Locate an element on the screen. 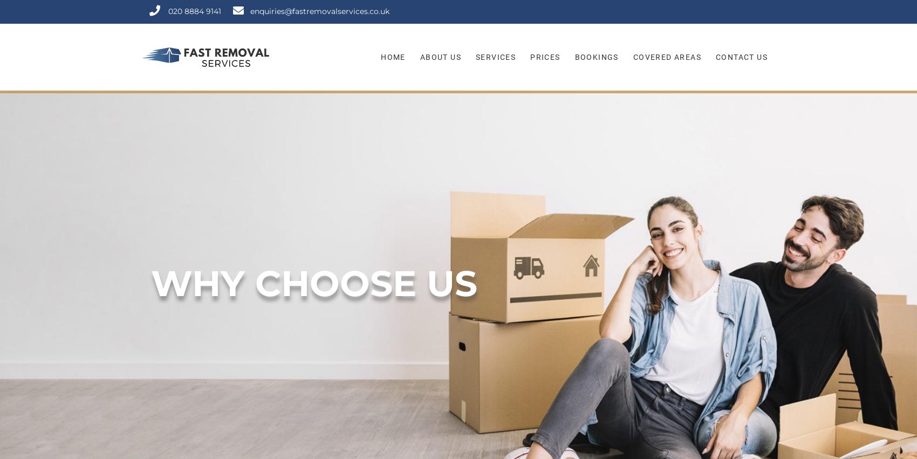  'Cleaning Services' is located at coordinates (508, 223).